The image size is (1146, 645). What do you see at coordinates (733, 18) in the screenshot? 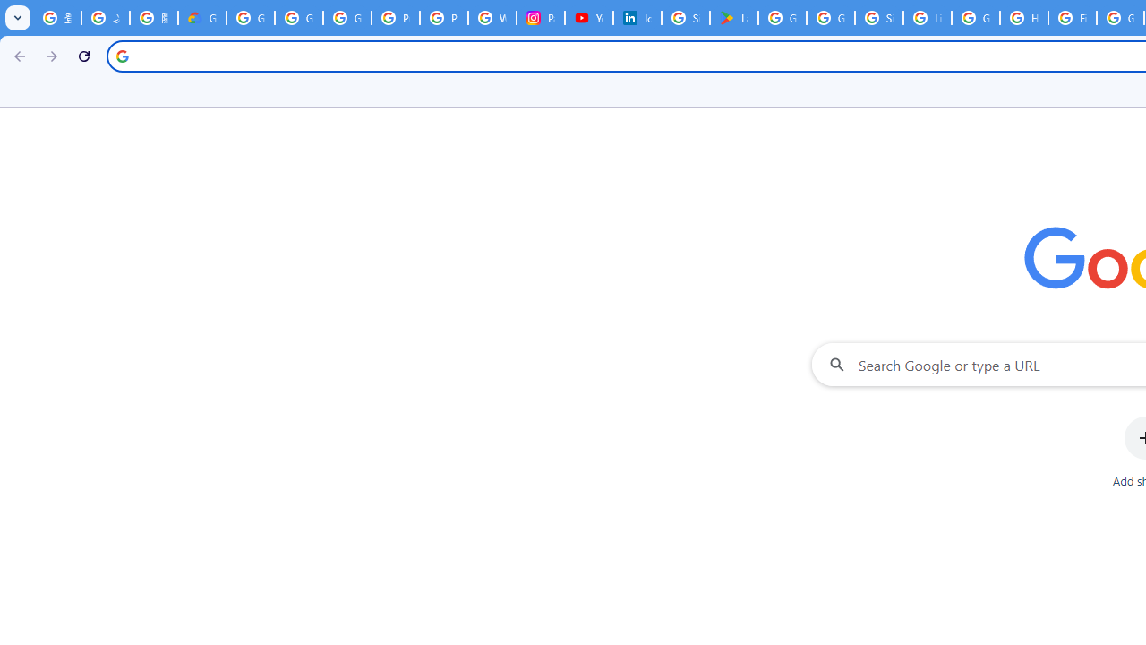
I see `'Last Shelter: Survival - Apps on Google Play'` at bounding box center [733, 18].